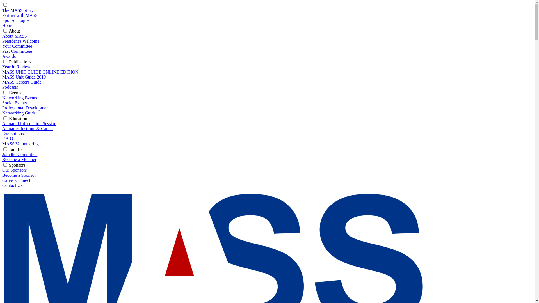 This screenshot has width=539, height=303. What do you see at coordinates (15, 36) in the screenshot?
I see `'About MASS'` at bounding box center [15, 36].